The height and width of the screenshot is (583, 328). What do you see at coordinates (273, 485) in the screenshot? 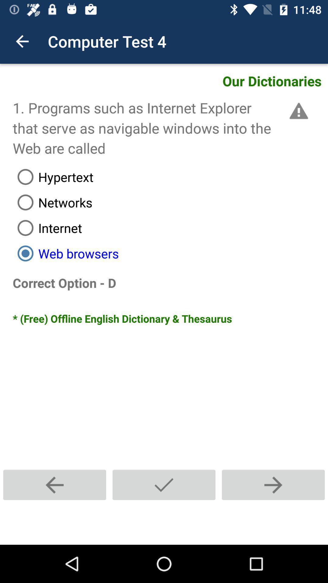
I see `next question` at bounding box center [273, 485].